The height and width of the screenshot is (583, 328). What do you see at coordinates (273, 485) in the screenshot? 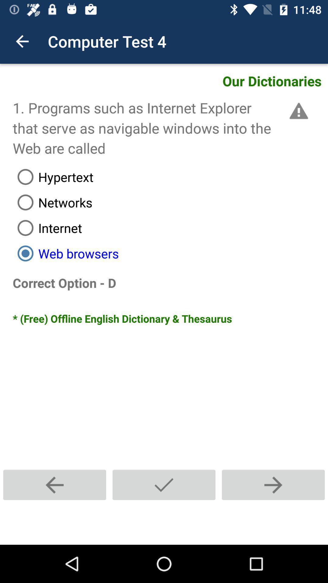
I see `next question` at bounding box center [273, 485].